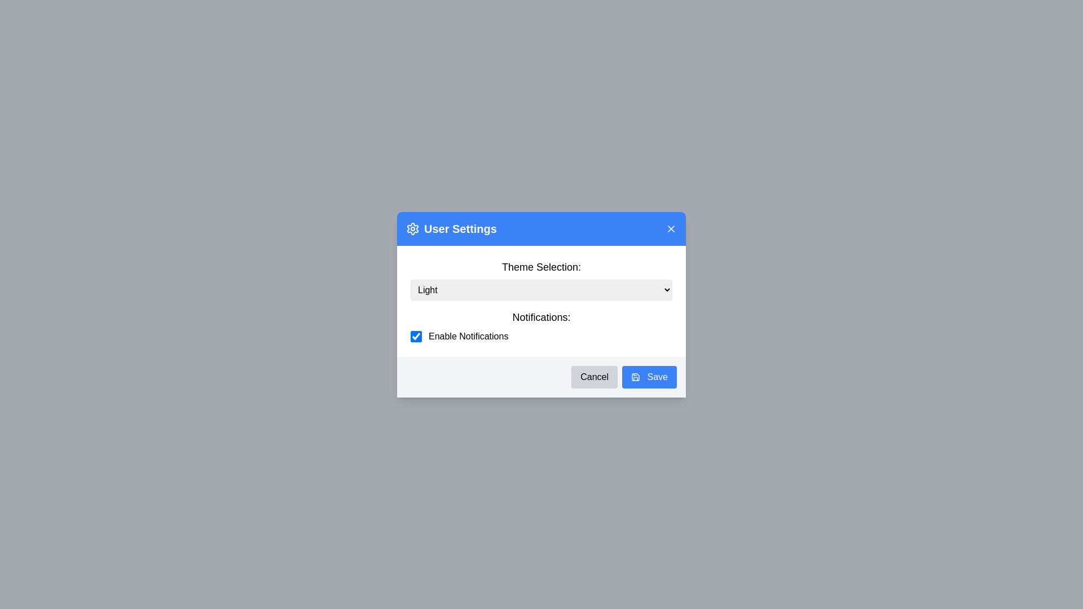  What do you see at coordinates (541, 267) in the screenshot?
I see `the text label that reads 'Theme Selection:' positioned at the topmost section of the content panel, above the dropdown menu labeled 'LightDark'` at bounding box center [541, 267].